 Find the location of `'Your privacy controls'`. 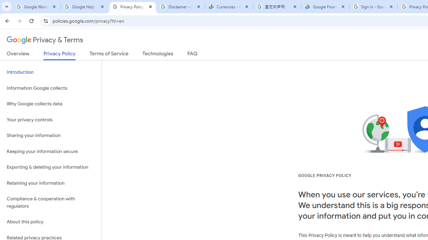

'Your privacy controls' is located at coordinates (50, 119).